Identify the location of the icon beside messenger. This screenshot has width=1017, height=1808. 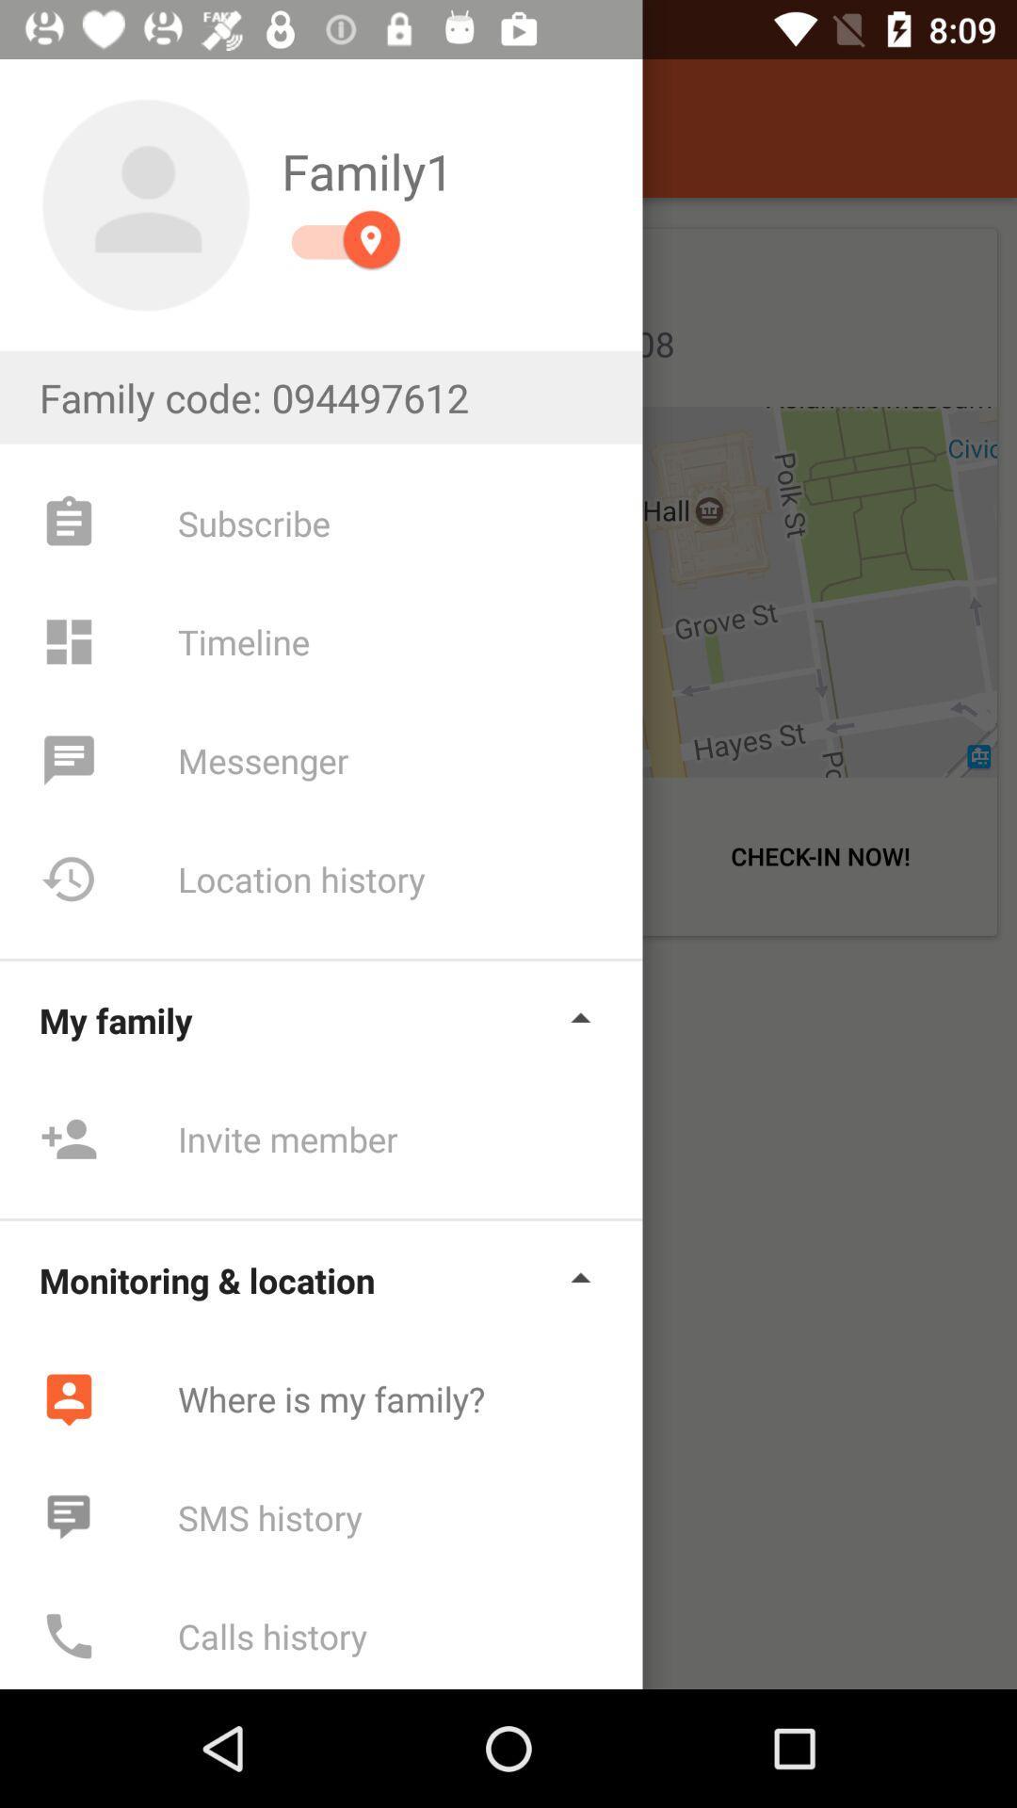
(68, 760).